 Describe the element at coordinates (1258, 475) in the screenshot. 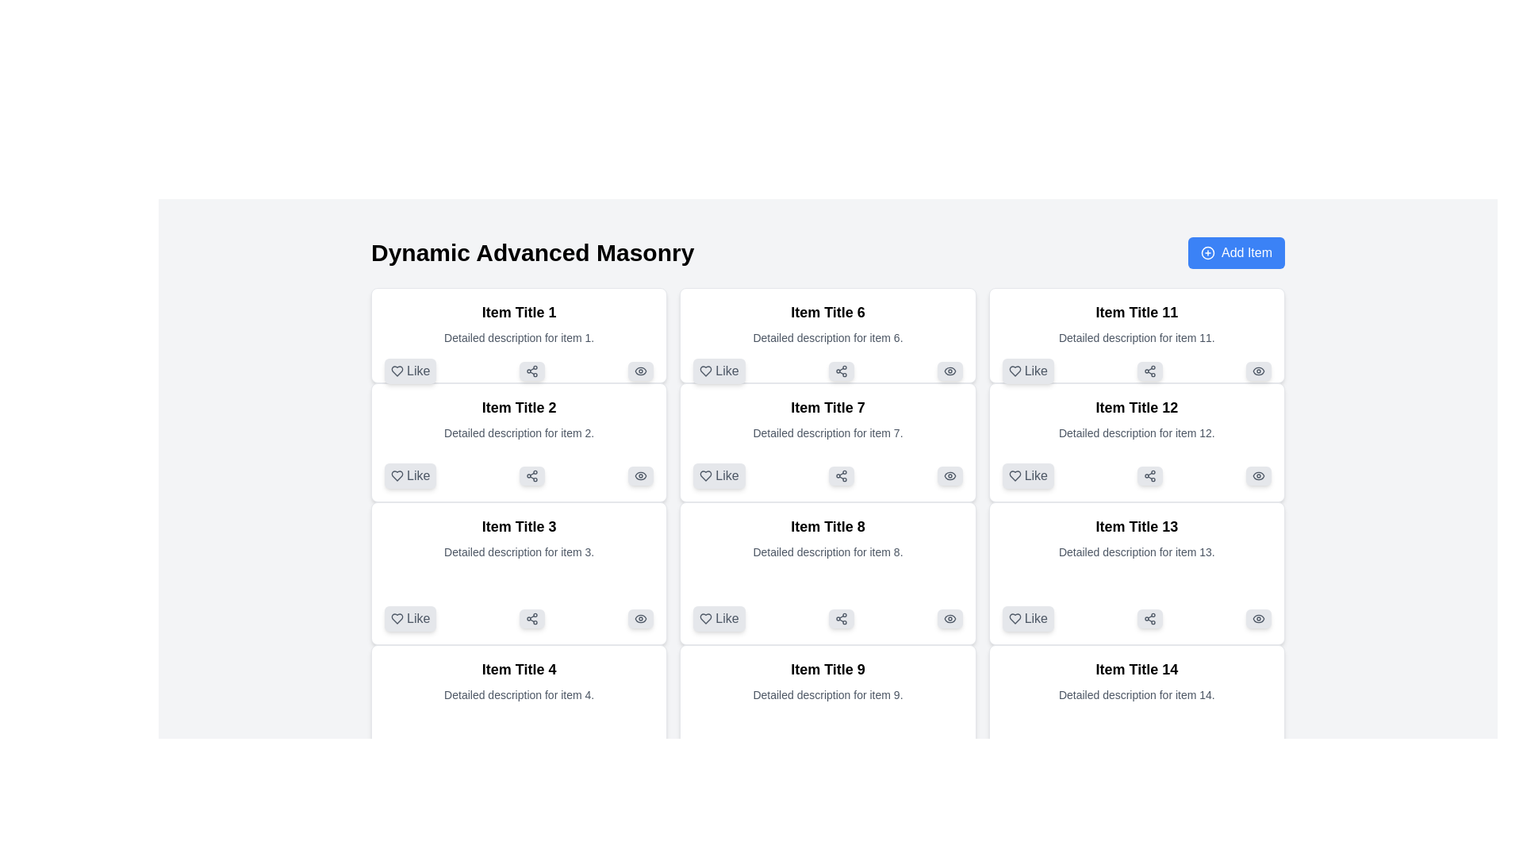

I see `the visibility toggle icon located at the top-right corner of the card titled 'Item Title 12'` at that location.